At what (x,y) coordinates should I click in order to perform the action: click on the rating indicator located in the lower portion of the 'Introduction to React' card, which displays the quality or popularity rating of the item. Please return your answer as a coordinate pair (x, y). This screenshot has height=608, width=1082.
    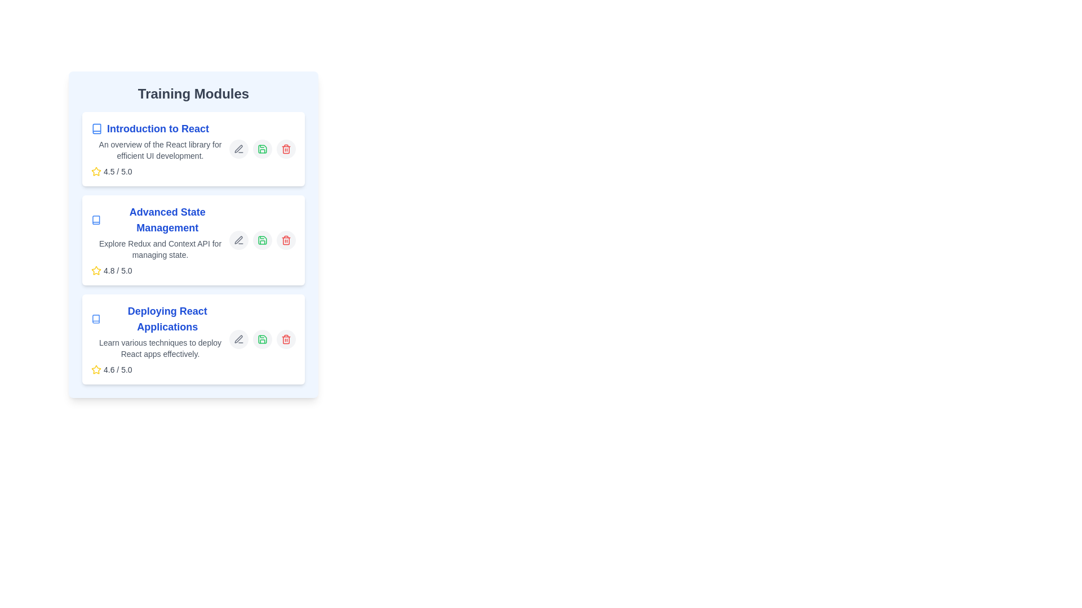
    Looking at the image, I should click on (159, 171).